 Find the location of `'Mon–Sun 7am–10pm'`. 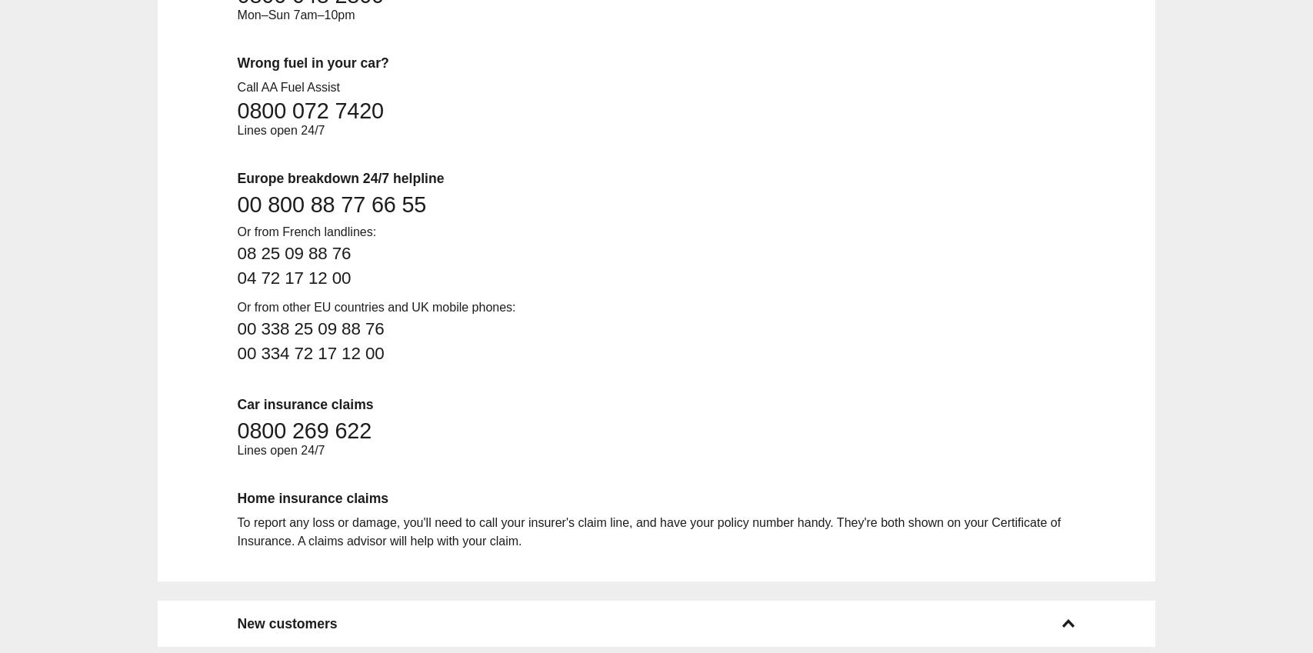

'Mon–Sun 7am–10pm' is located at coordinates (295, 13).